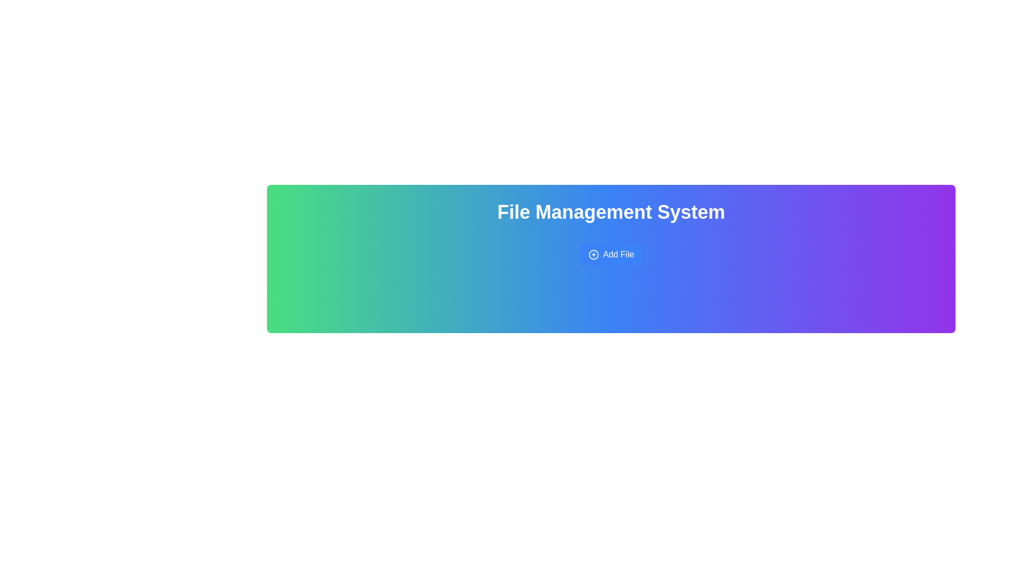  I want to click on the 'Add File' button, which is indicated by the text label located to the right of a plus sign icon, so click(618, 255).